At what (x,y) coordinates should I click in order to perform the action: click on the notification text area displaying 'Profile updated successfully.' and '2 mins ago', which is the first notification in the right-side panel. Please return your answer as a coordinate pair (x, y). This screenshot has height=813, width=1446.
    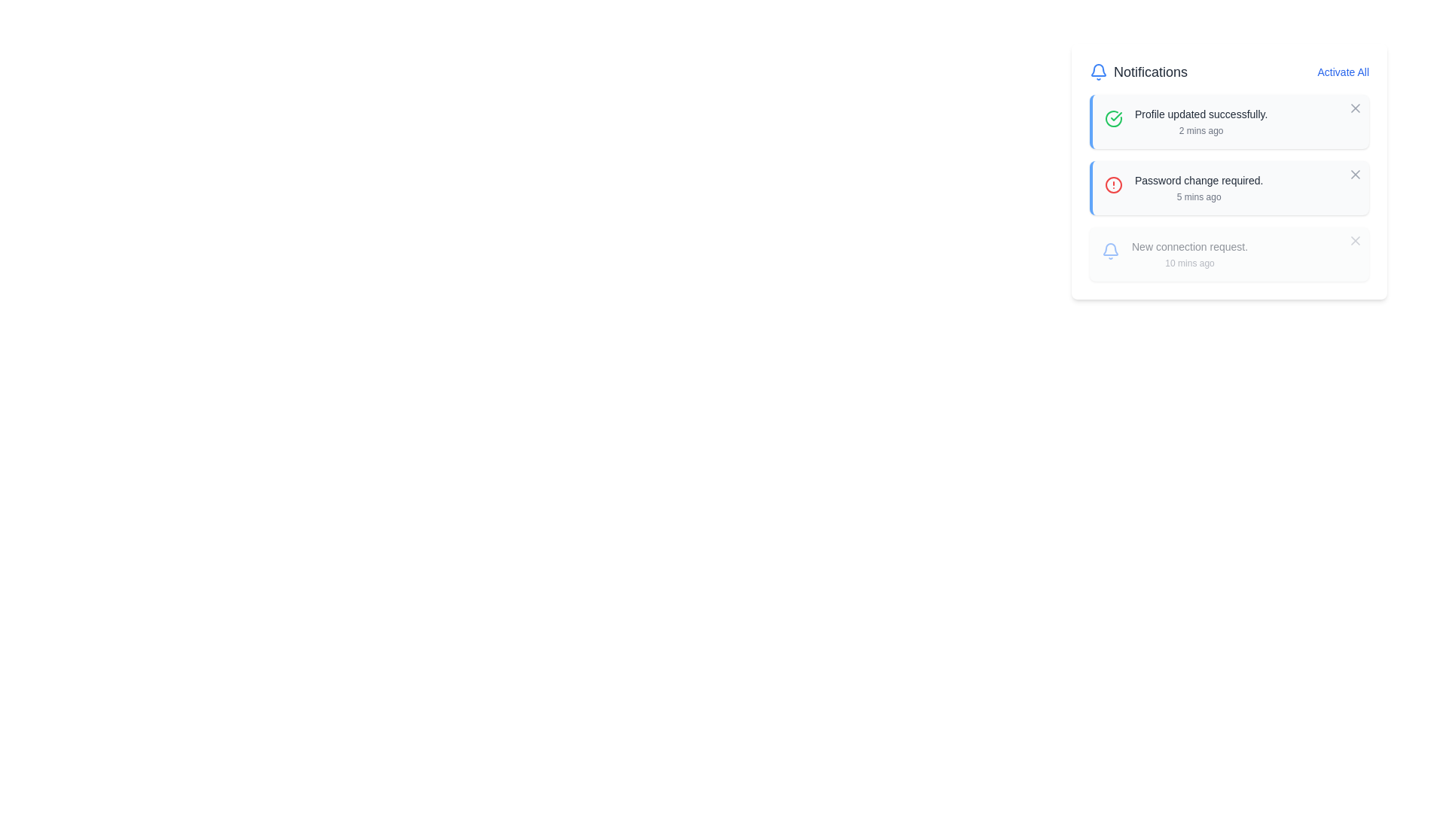
    Looking at the image, I should click on (1200, 121).